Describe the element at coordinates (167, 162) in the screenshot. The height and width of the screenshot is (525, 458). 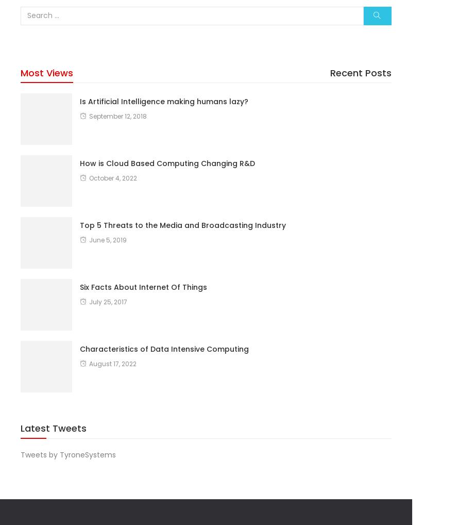
I see `'How is Cloud Based Computing Changing R&D'` at that location.